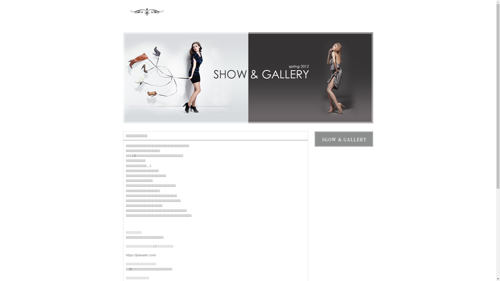  Describe the element at coordinates (126, 255) in the screenshot. I see `'https://jiiawater.com/'` at that location.